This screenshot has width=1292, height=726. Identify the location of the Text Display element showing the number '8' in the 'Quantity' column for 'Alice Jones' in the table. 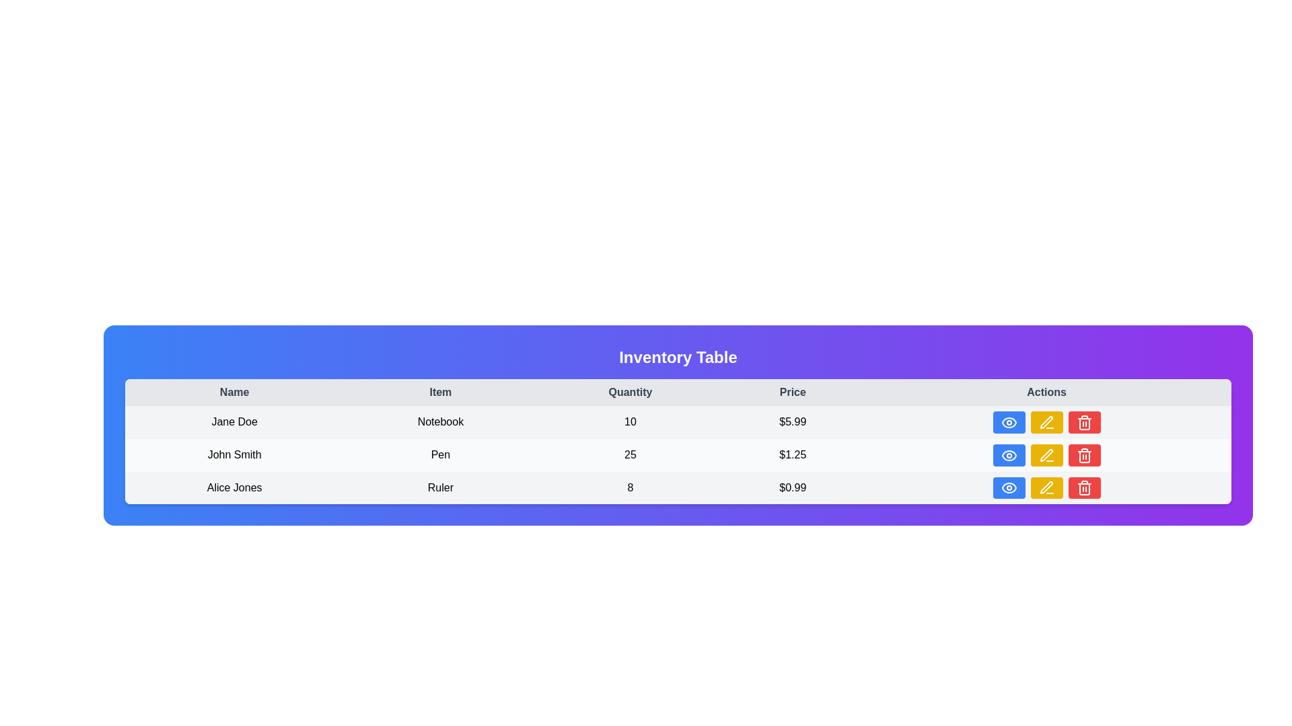
(629, 487).